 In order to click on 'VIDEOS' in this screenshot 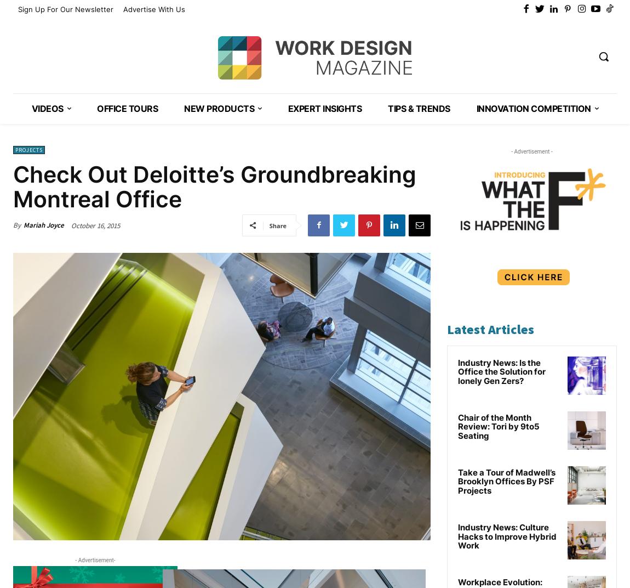, I will do `click(47, 108)`.